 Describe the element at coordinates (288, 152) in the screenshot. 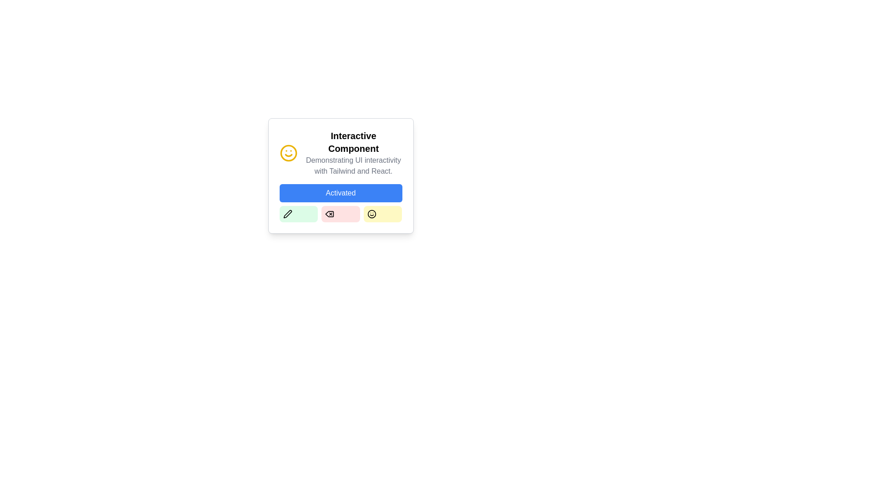

I see `the circular graphic of the smiley face icon, which serves as the outer boundary encapsulating the eyes and mouth` at that location.